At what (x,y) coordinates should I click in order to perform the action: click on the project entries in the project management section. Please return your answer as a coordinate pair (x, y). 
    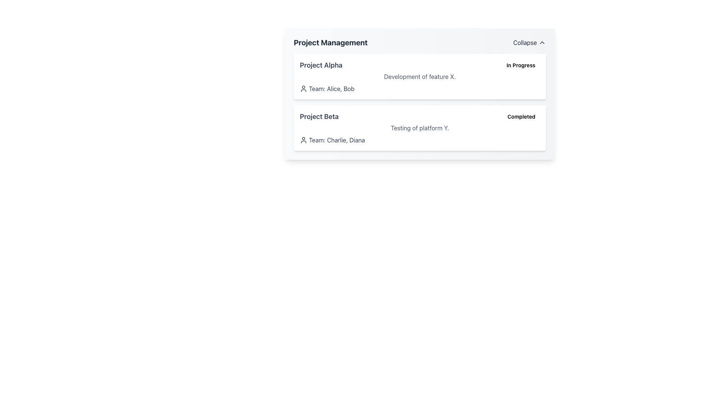
    Looking at the image, I should click on (419, 94).